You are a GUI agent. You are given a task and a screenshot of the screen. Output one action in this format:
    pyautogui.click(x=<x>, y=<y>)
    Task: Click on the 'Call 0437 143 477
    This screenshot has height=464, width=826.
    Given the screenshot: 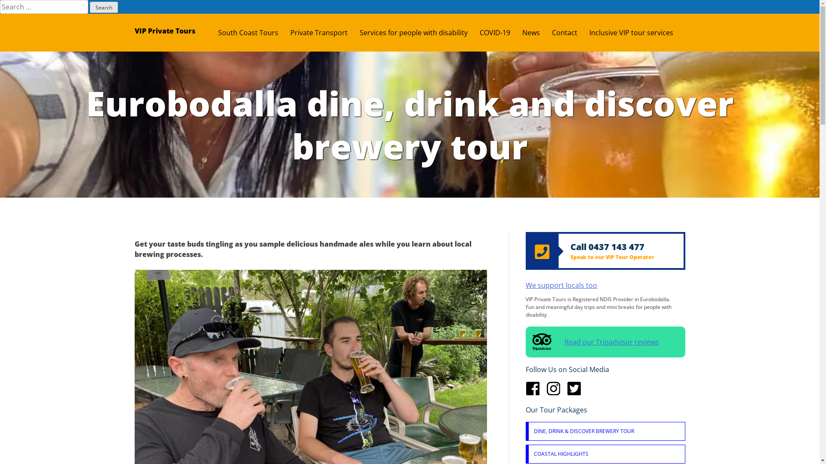 What is the action you would take?
    pyautogui.click(x=604, y=250)
    